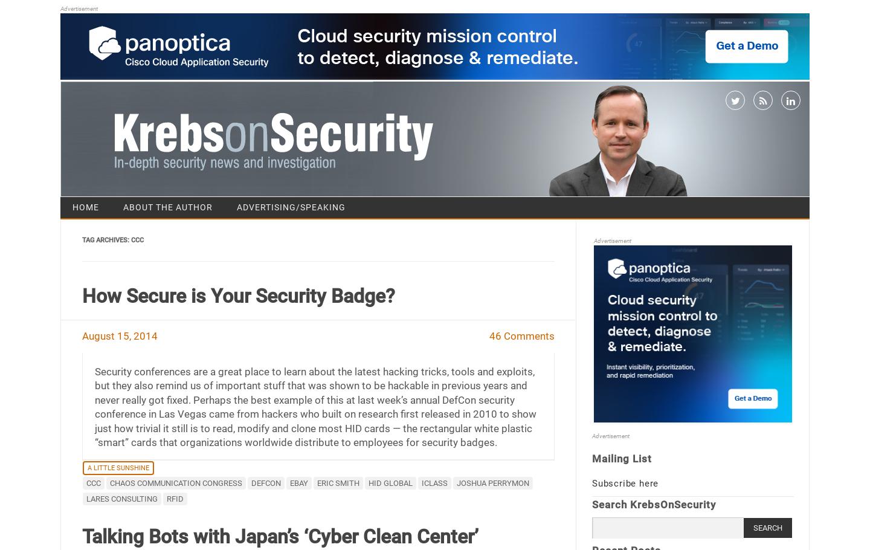 This screenshot has width=870, height=550. I want to click on 'Eric Smith', so click(316, 482).